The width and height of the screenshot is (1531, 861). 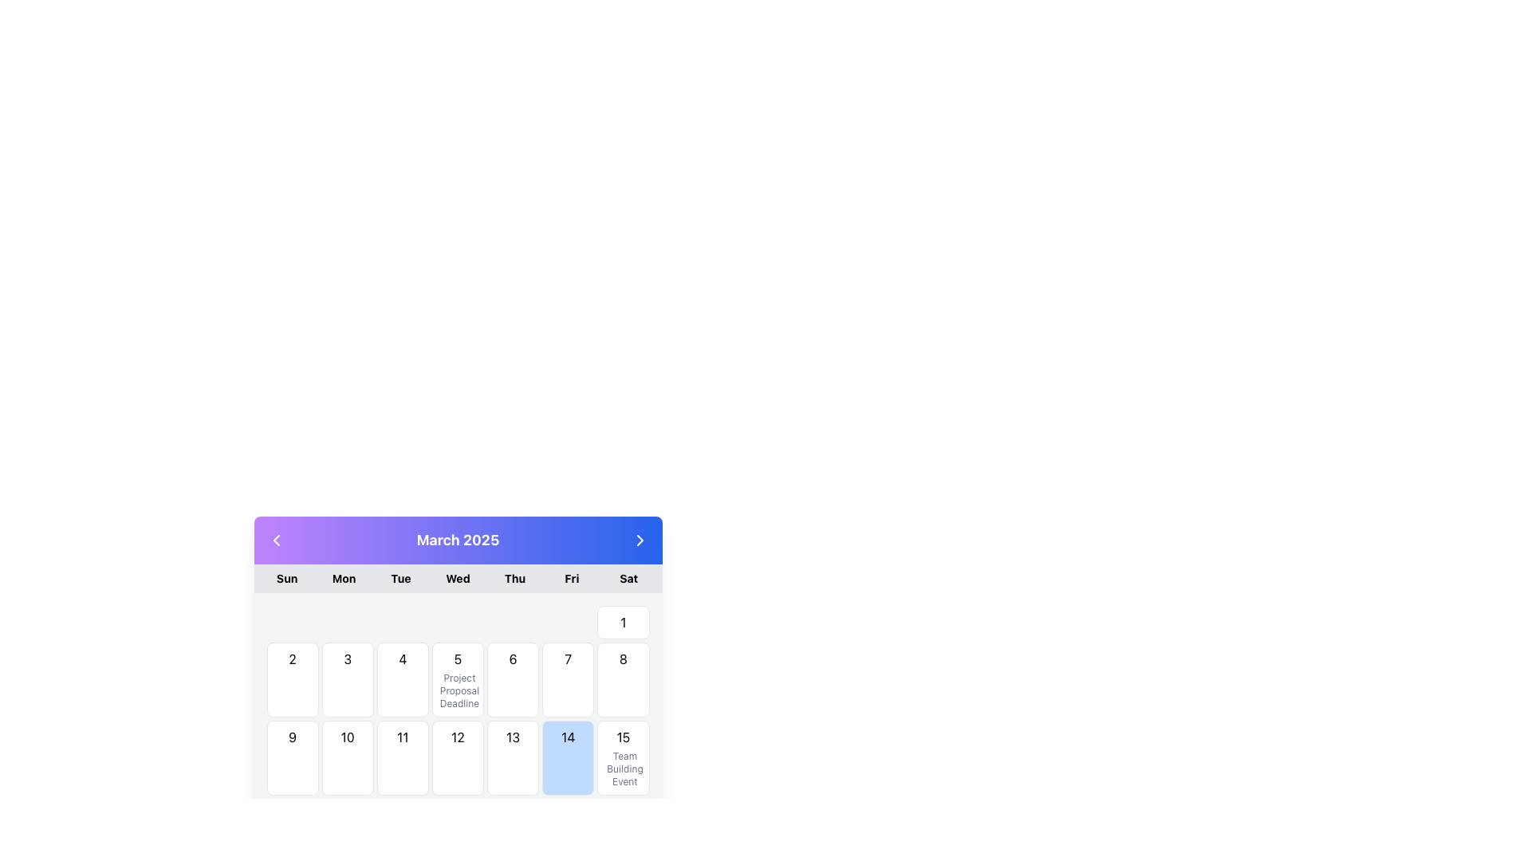 What do you see at coordinates (403, 757) in the screenshot?
I see `the calendar button representing the specific day in the second row, third column` at bounding box center [403, 757].